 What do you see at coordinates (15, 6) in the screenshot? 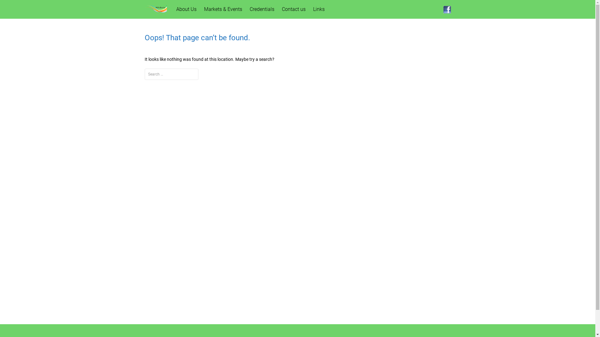
I see `'Search'` at bounding box center [15, 6].